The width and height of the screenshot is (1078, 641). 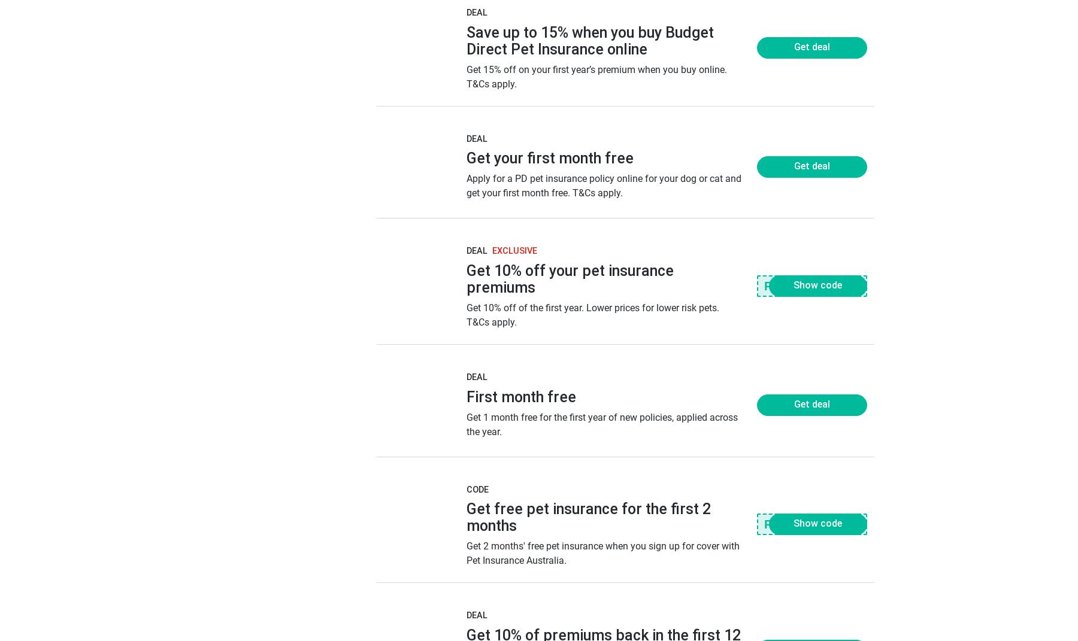 What do you see at coordinates (520, 396) in the screenshot?
I see `'First month free'` at bounding box center [520, 396].